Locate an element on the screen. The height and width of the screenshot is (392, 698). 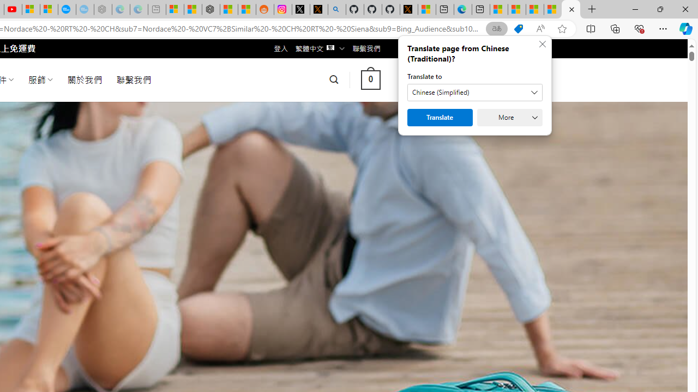
'Translate to' is located at coordinates (475, 91).